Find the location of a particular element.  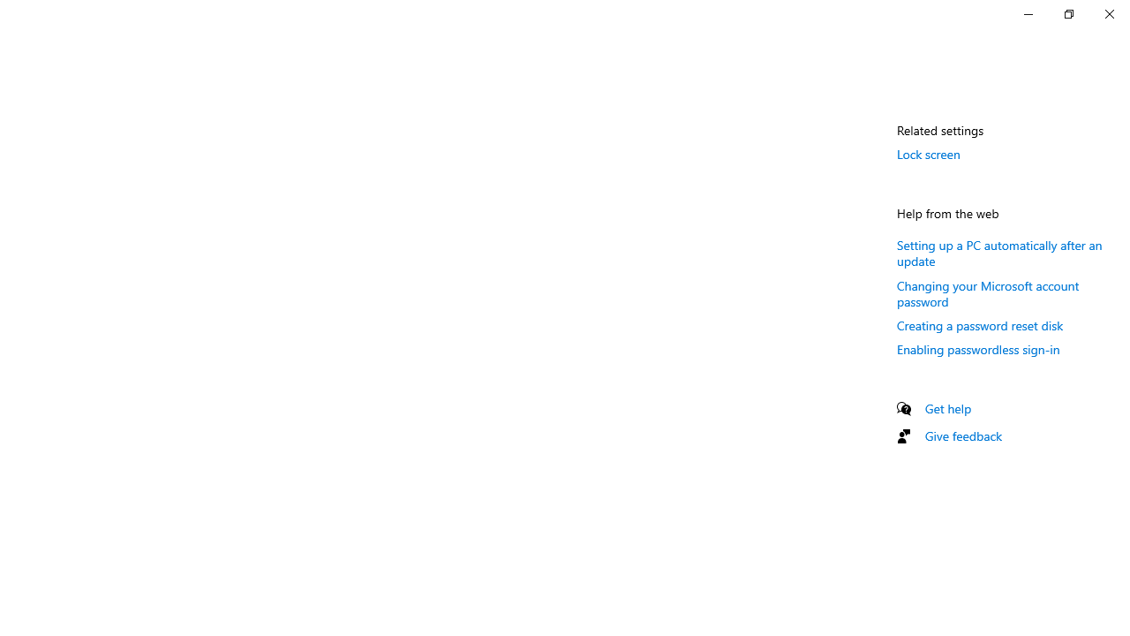

'Restore Settings' is located at coordinates (1067, 13).